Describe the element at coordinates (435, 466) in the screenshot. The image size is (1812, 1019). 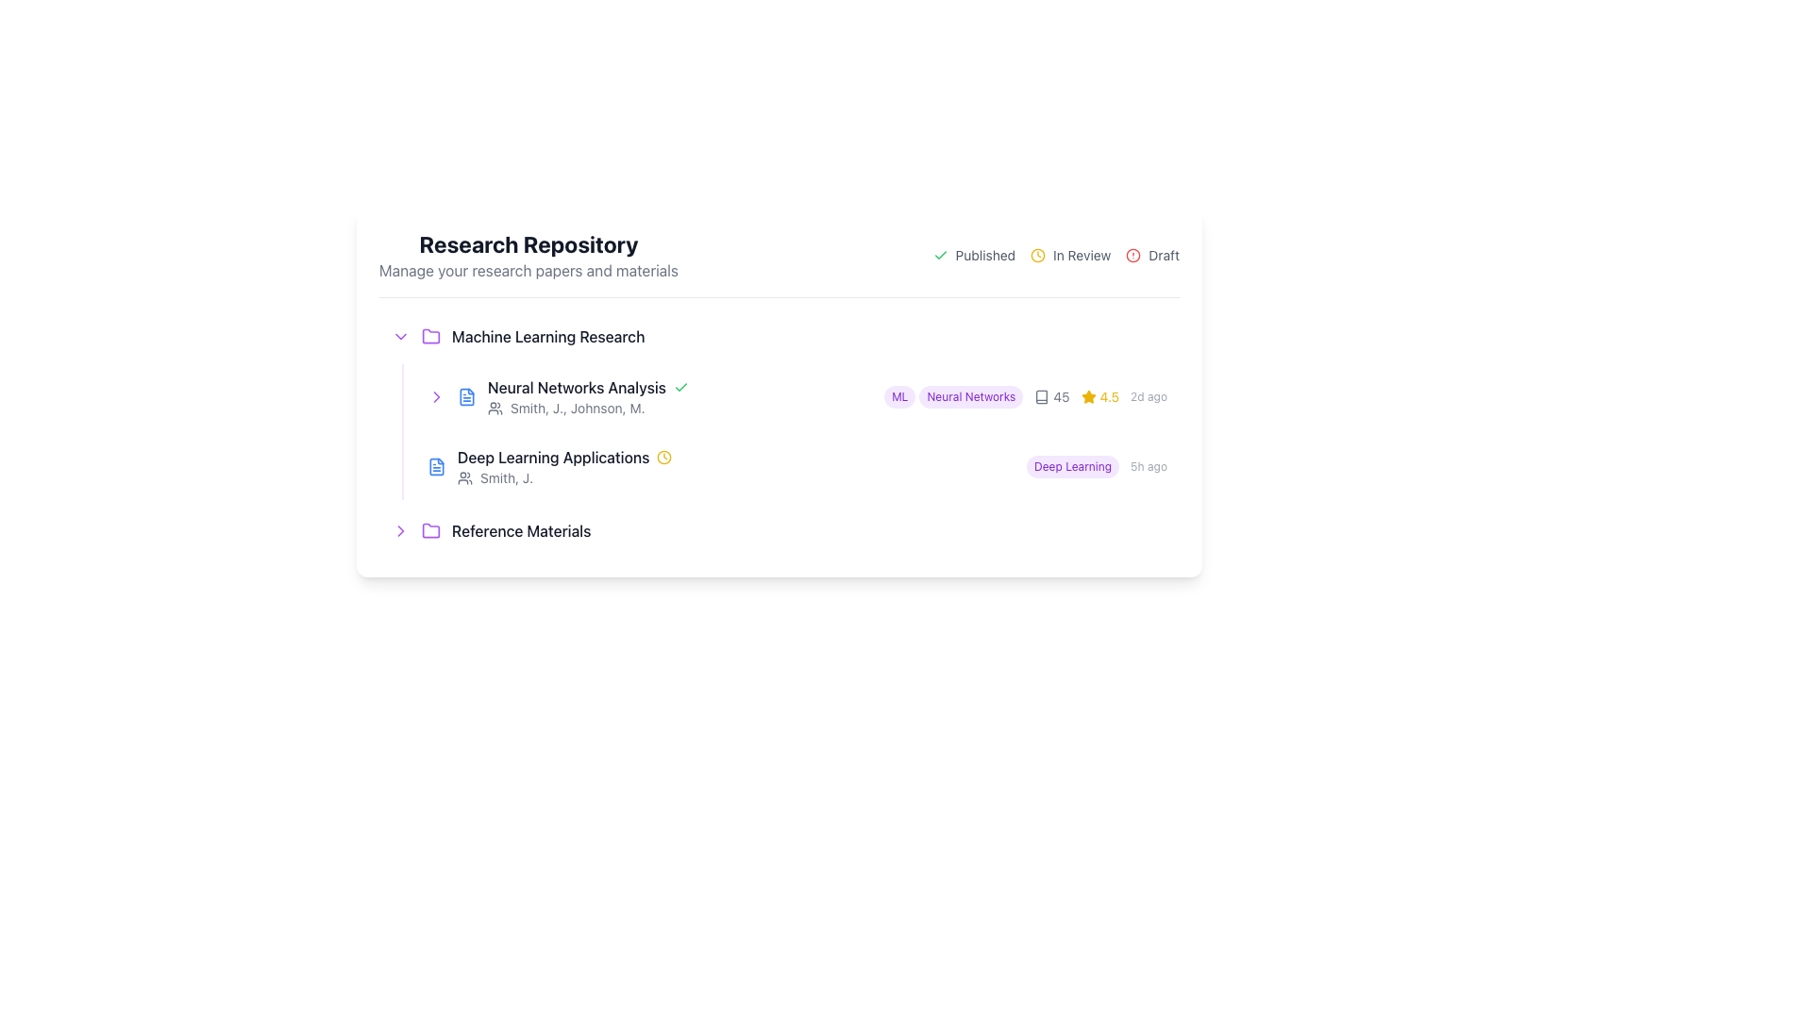
I see `the blue file document icon located at the beginning of the list item labeled 'Deep Learning Applications, Smith, J.' in the 'Research Repository'` at that location.